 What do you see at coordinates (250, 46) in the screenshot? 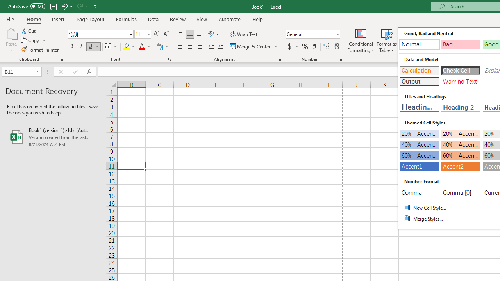
I see `'Merge & Center'` at bounding box center [250, 46].